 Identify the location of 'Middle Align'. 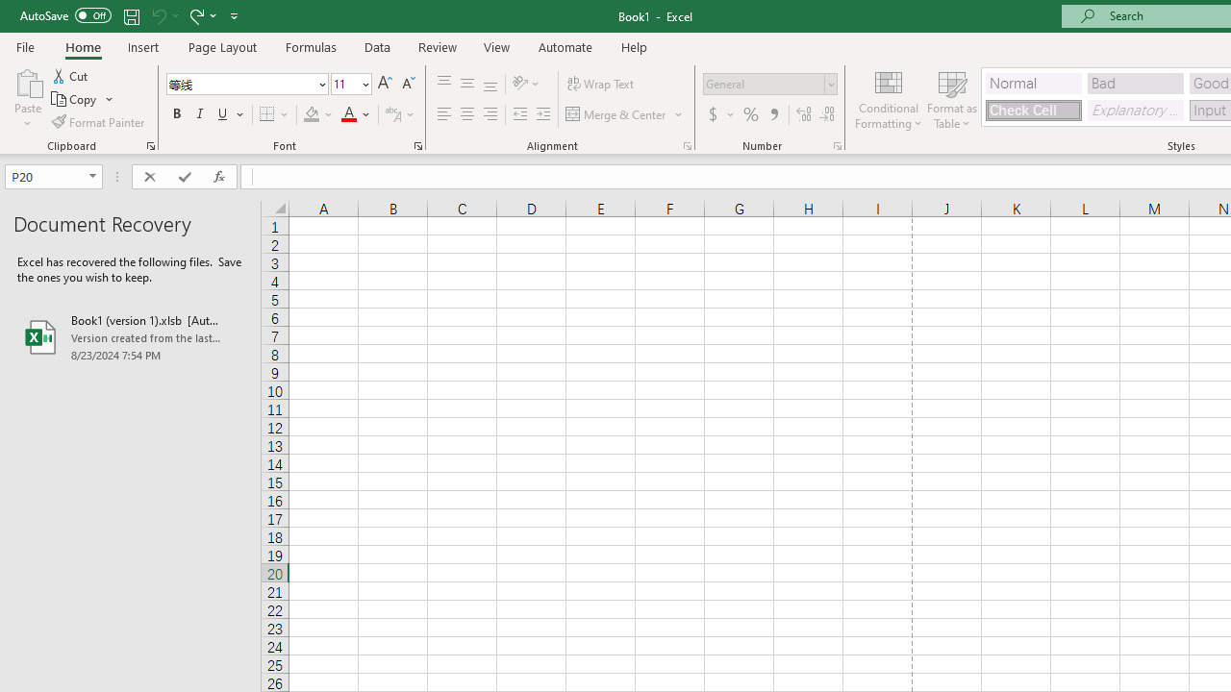
(466, 83).